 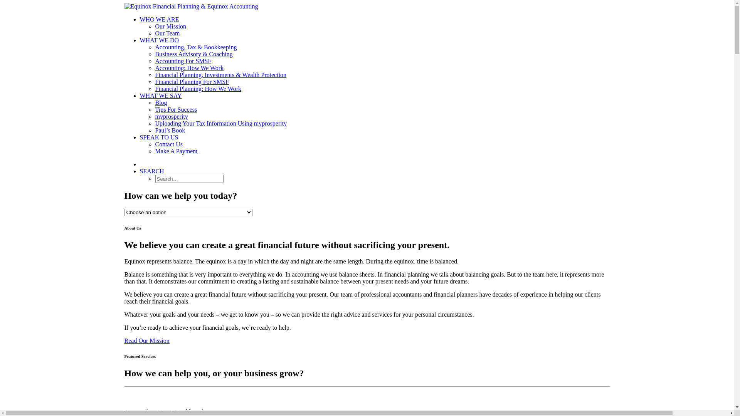 What do you see at coordinates (183, 60) in the screenshot?
I see `'Accounting For SMSF'` at bounding box center [183, 60].